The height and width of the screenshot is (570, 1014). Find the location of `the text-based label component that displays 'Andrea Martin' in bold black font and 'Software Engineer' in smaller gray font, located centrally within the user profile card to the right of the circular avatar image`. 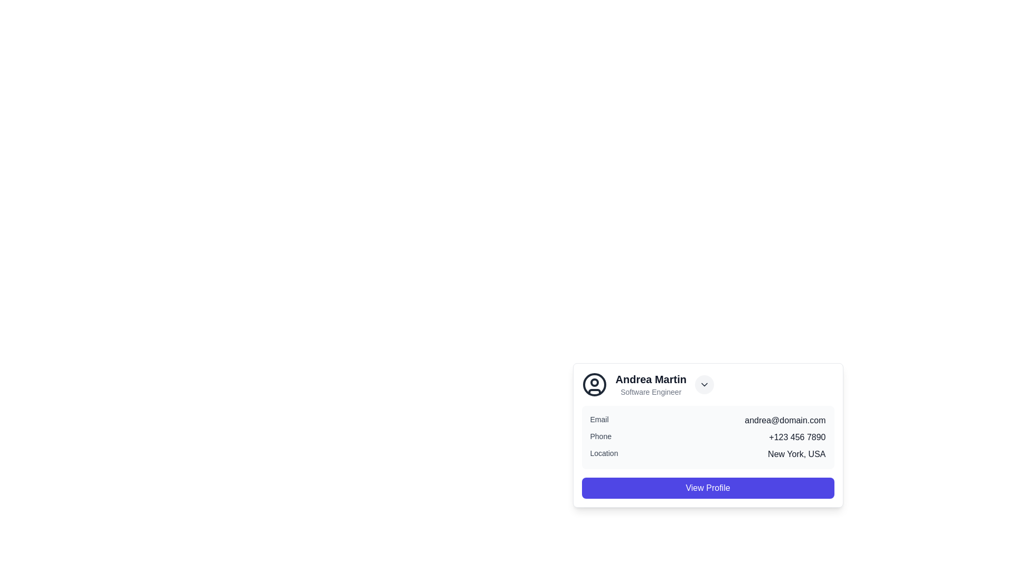

the text-based label component that displays 'Andrea Martin' in bold black font and 'Software Engineer' in smaller gray font, located centrally within the user profile card to the right of the circular avatar image is located at coordinates (650, 385).